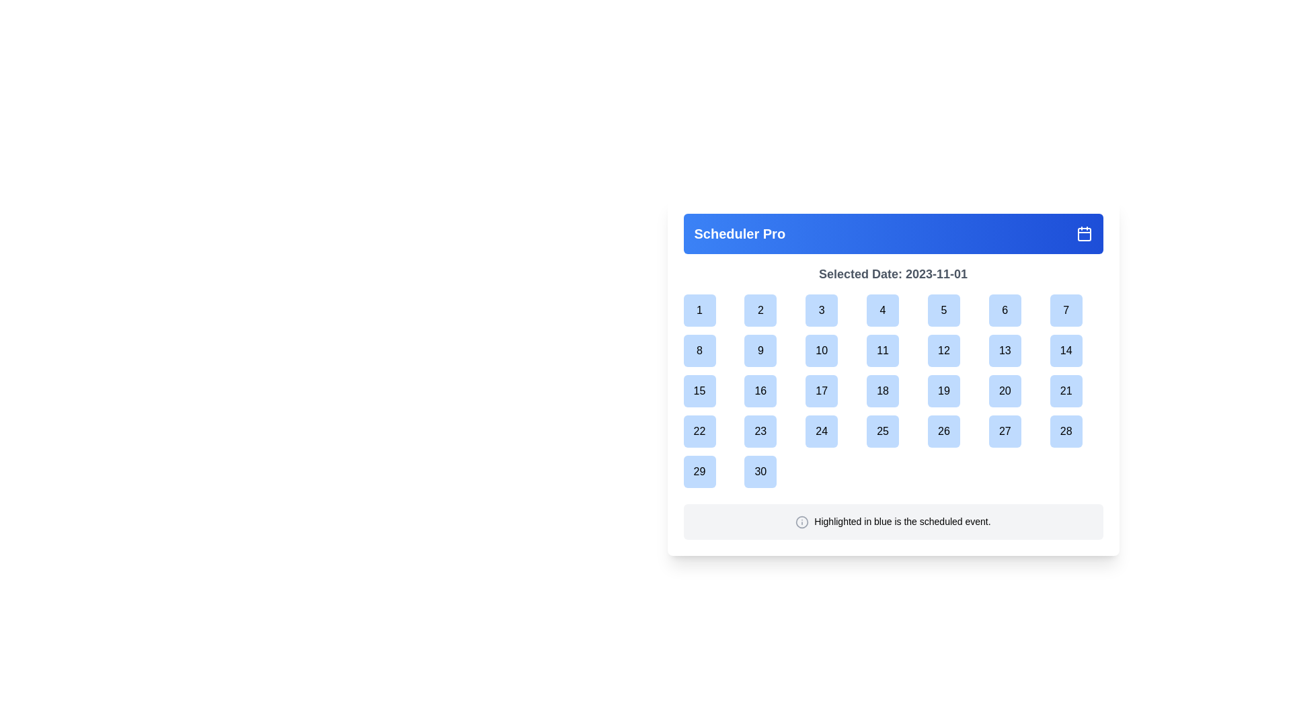  What do you see at coordinates (760, 350) in the screenshot?
I see `the rounded rectangular button with a light blue background displaying the number '9'` at bounding box center [760, 350].